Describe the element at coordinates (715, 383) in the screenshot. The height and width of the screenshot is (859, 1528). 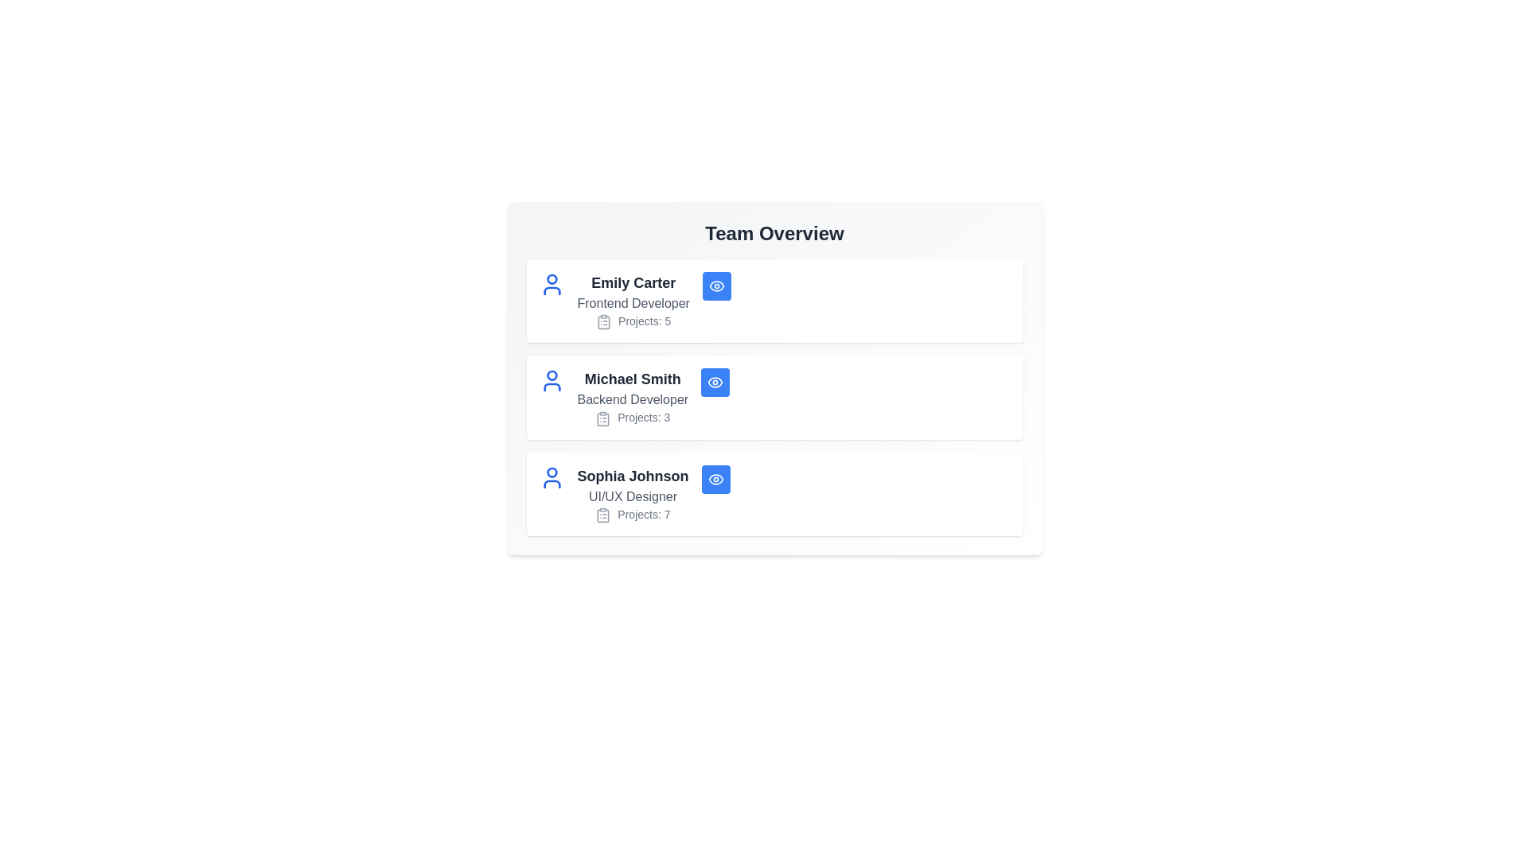
I see `the 'Eye' button of the team member identified by Michael Smith` at that location.